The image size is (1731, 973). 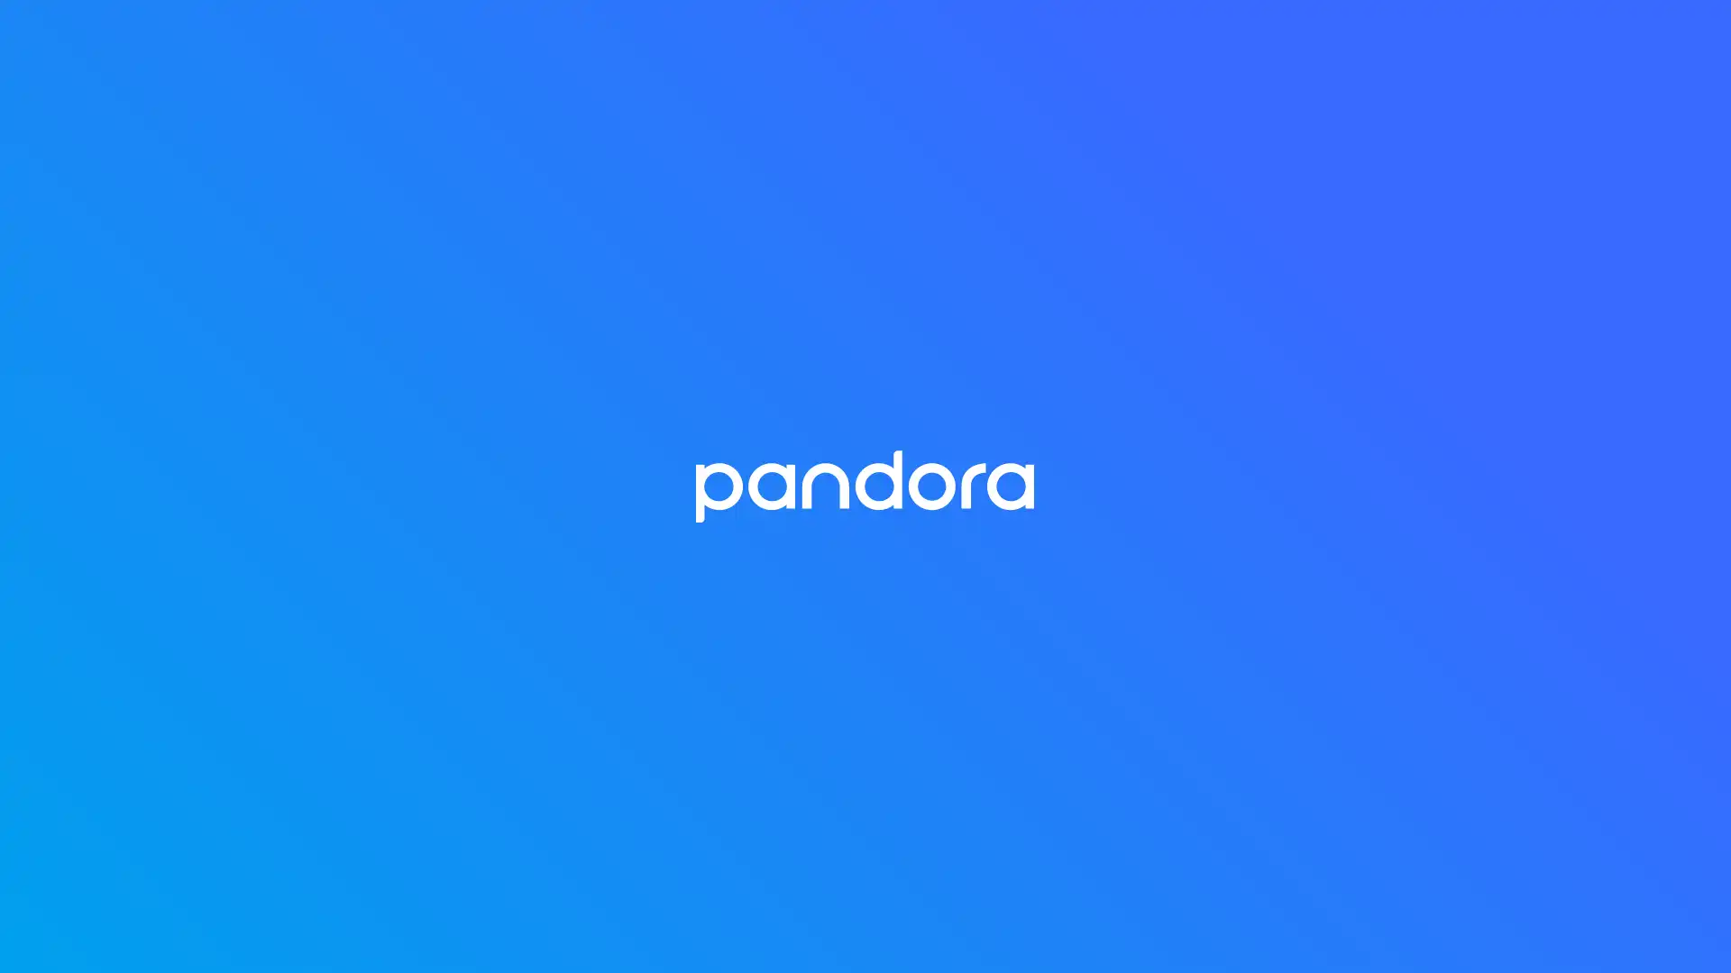 What do you see at coordinates (1493, 374) in the screenshot?
I see `36:33` at bounding box center [1493, 374].